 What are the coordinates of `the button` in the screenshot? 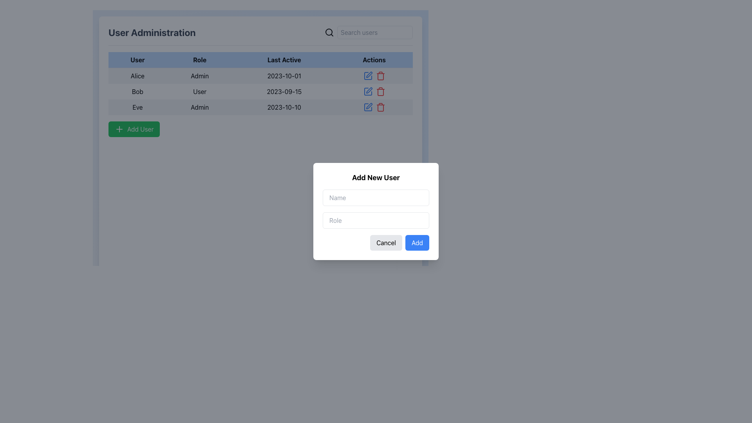 It's located at (134, 129).